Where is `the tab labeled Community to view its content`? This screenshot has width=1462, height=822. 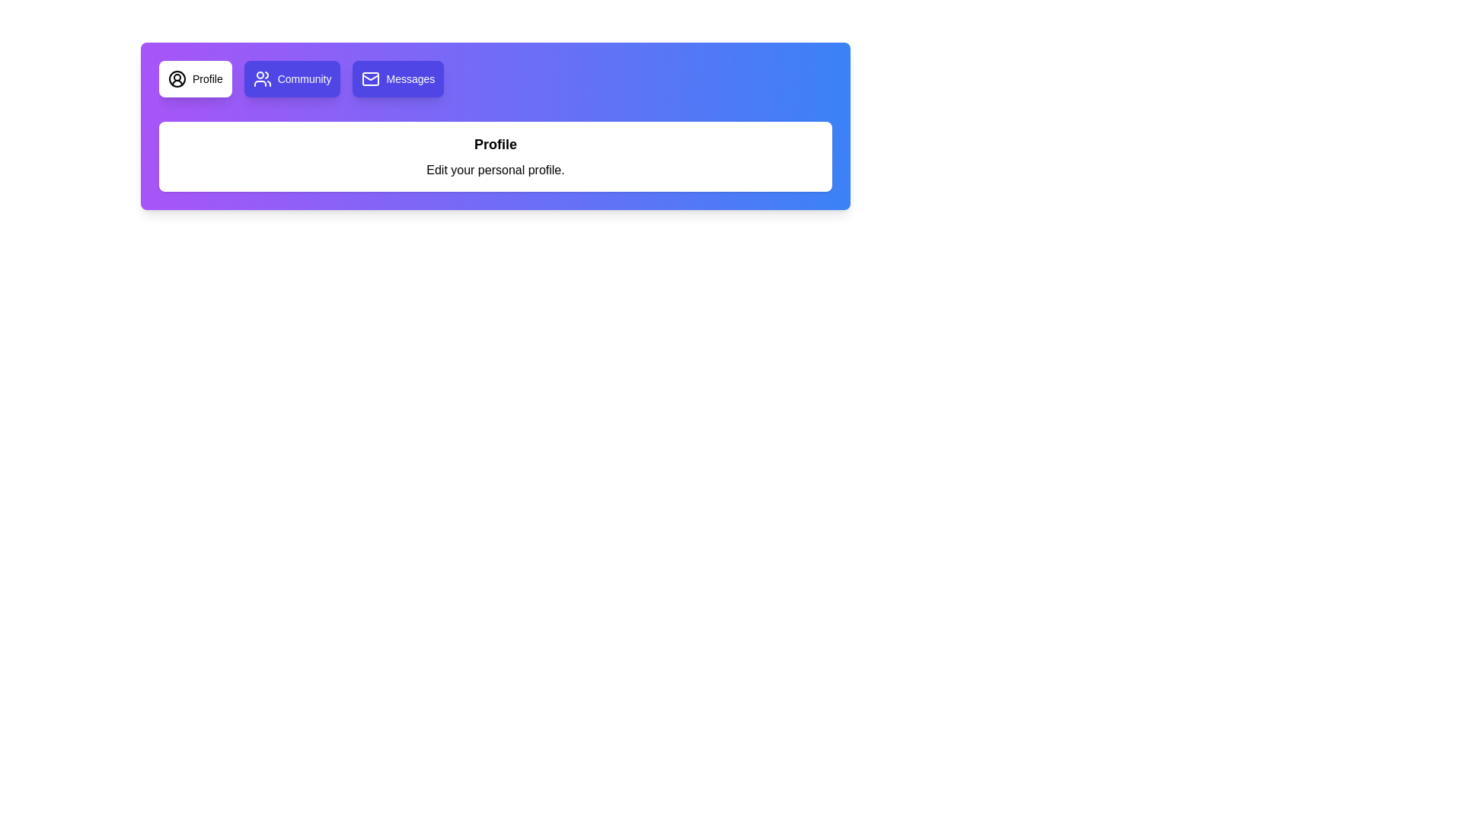 the tab labeled Community to view its content is located at coordinates (292, 79).